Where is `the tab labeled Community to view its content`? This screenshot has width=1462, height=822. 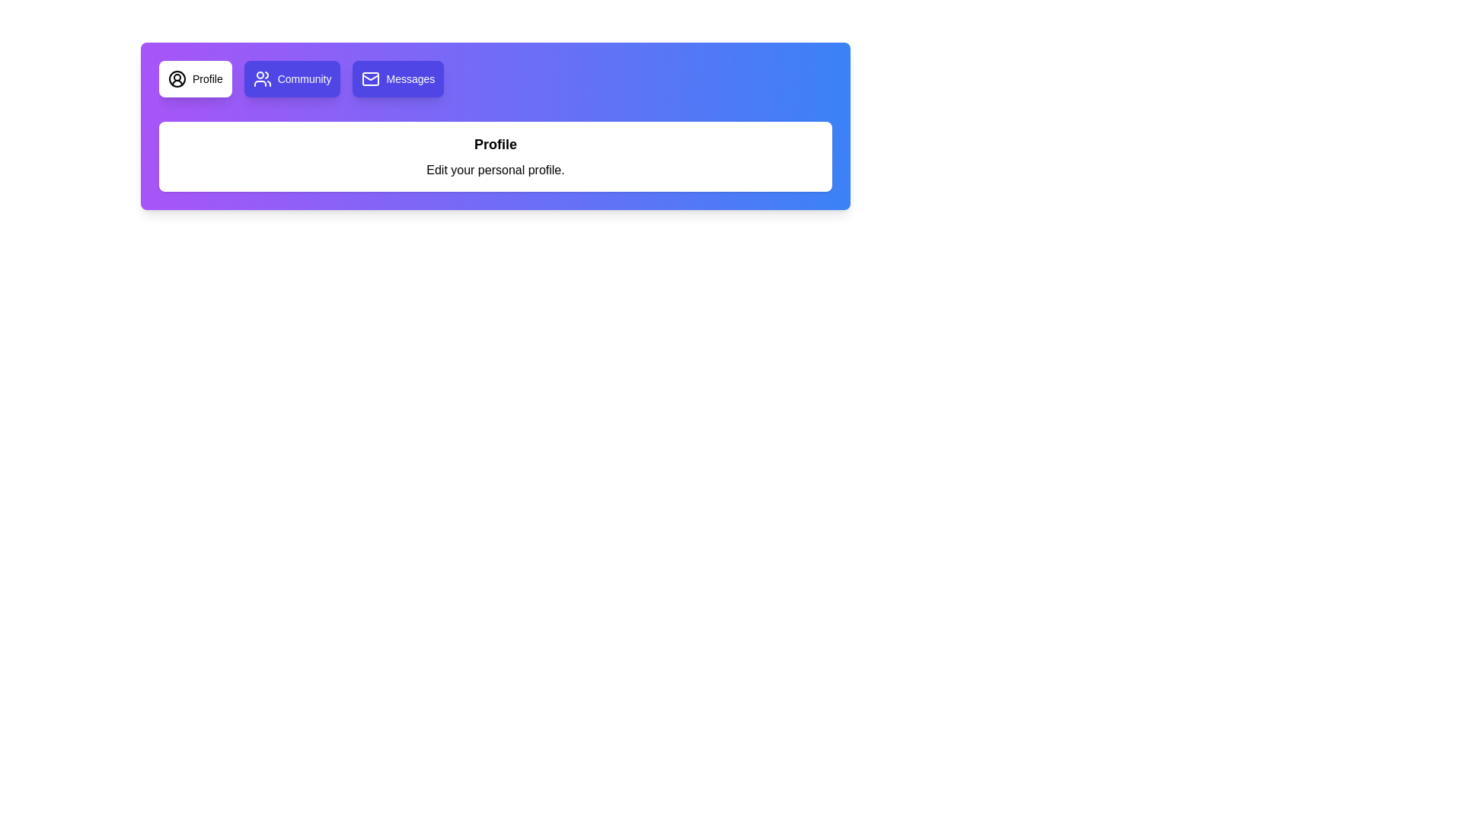 the tab labeled Community to view its content is located at coordinates (292, 79).